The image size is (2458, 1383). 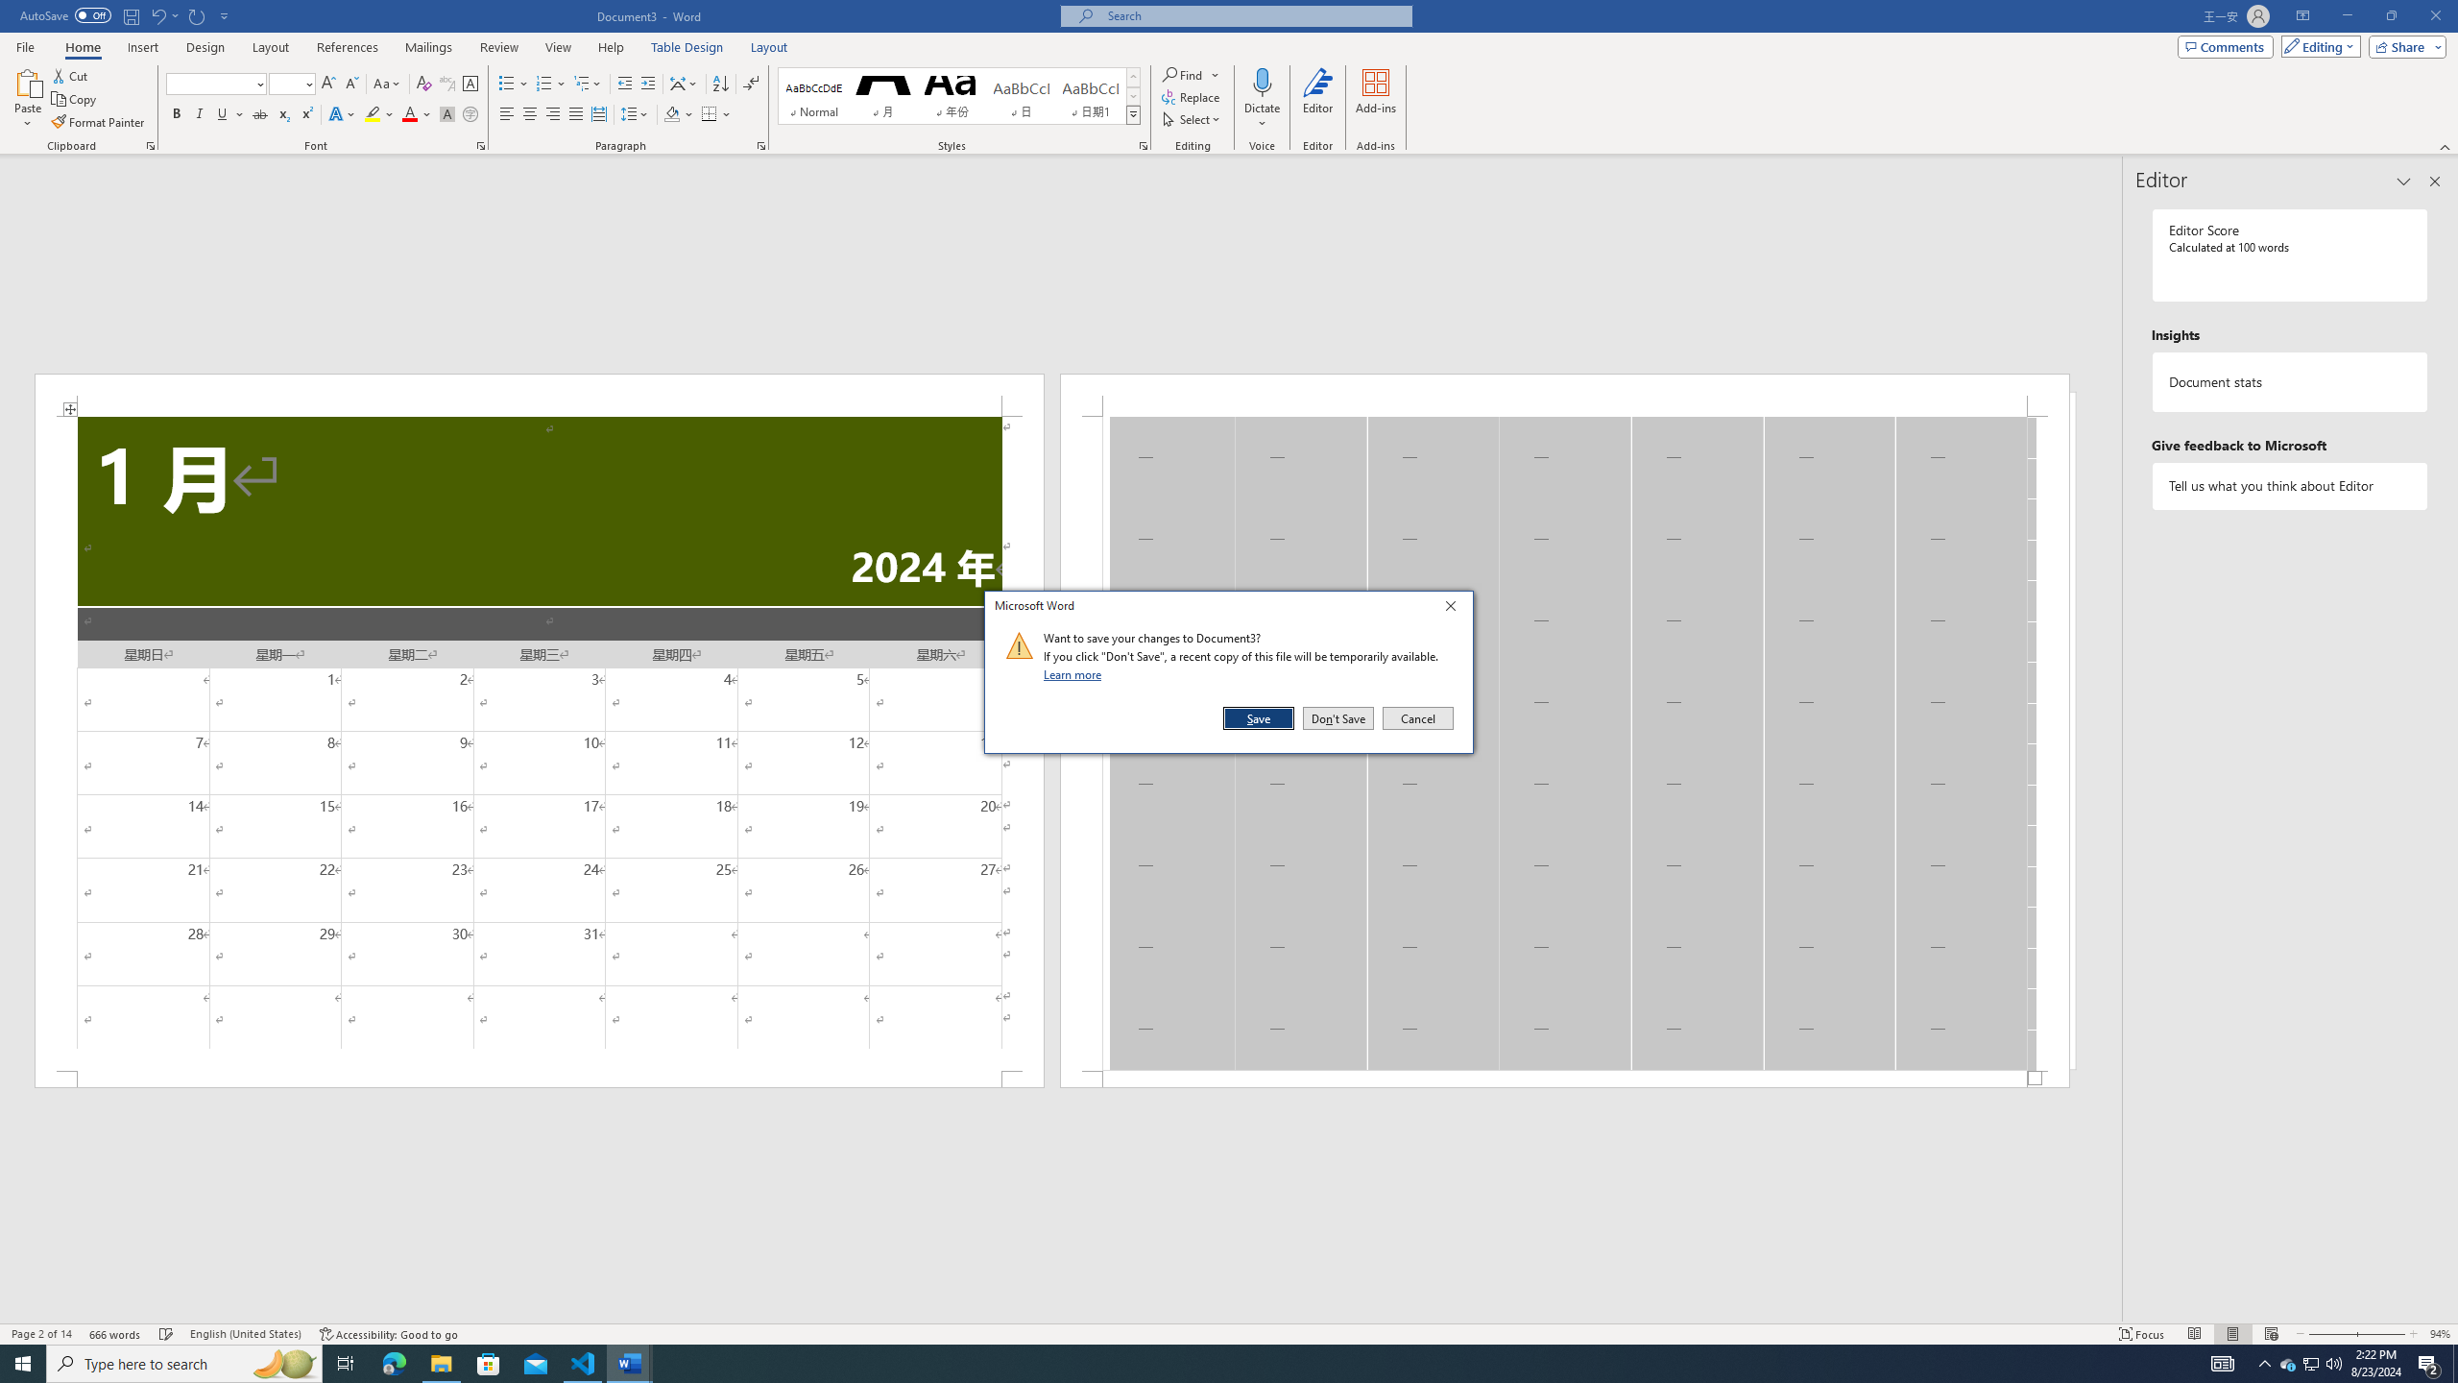 What do you see at coordinates (2265, 1362) in the screenshot?
I see `'Notification Chevron'` at bounding box center [2265, 1362].